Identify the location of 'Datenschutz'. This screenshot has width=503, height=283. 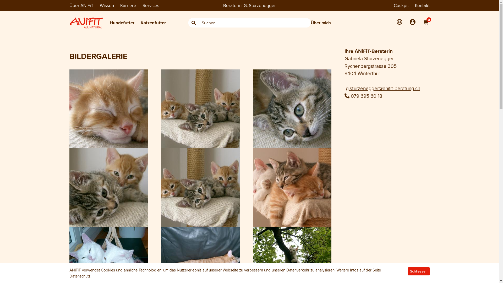
(79, 276).